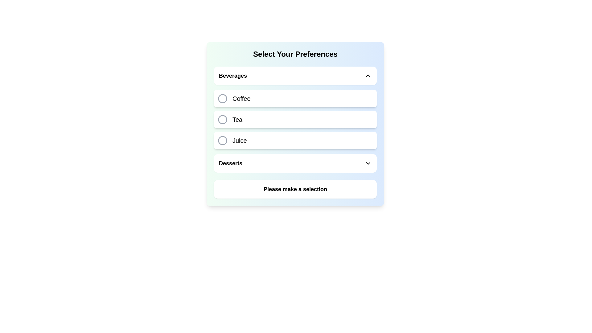 This screenshot has width=592, height=333. I want to click on the radio button labeled 'Juice' in the 'Select Your Preferences' form, so click(222, 140).